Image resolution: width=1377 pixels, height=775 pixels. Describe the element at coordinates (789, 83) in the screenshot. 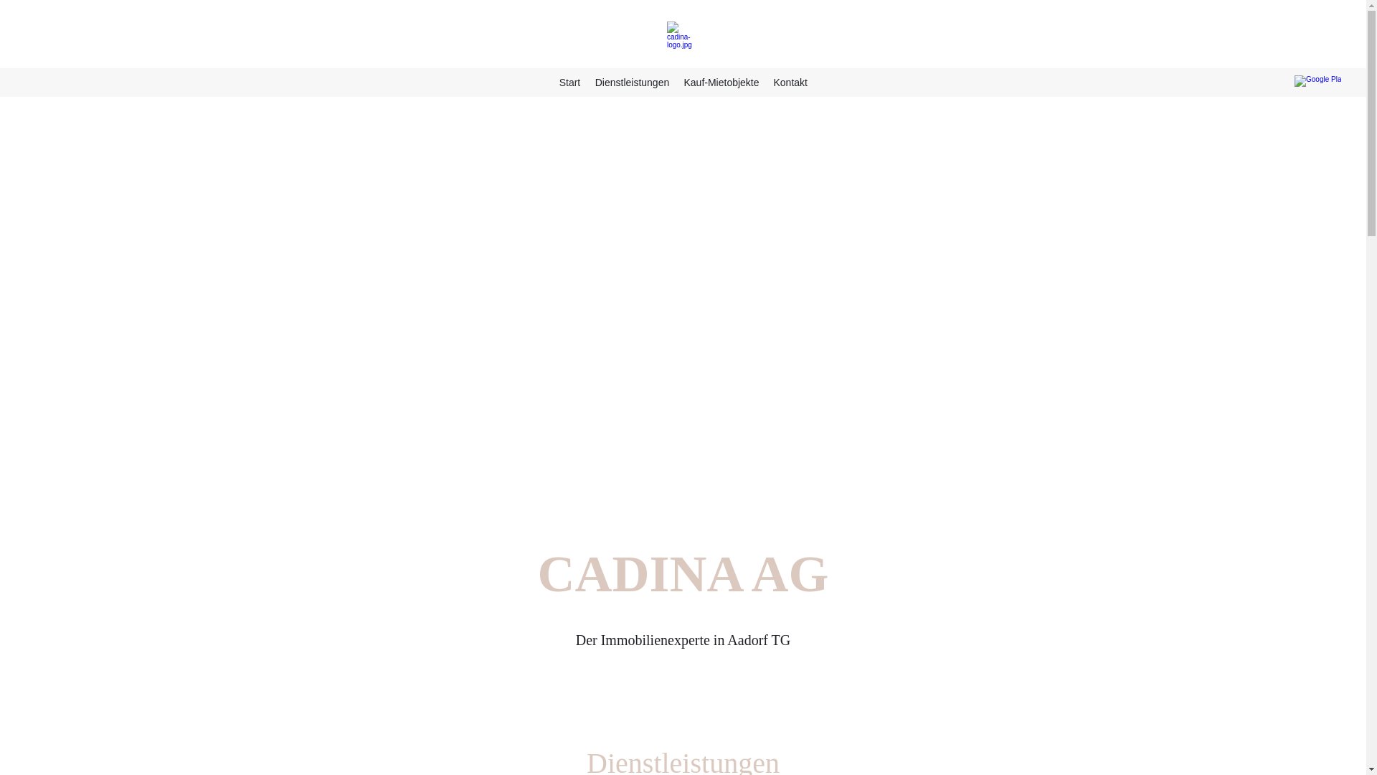

I see `'Kontakt'` at that location.